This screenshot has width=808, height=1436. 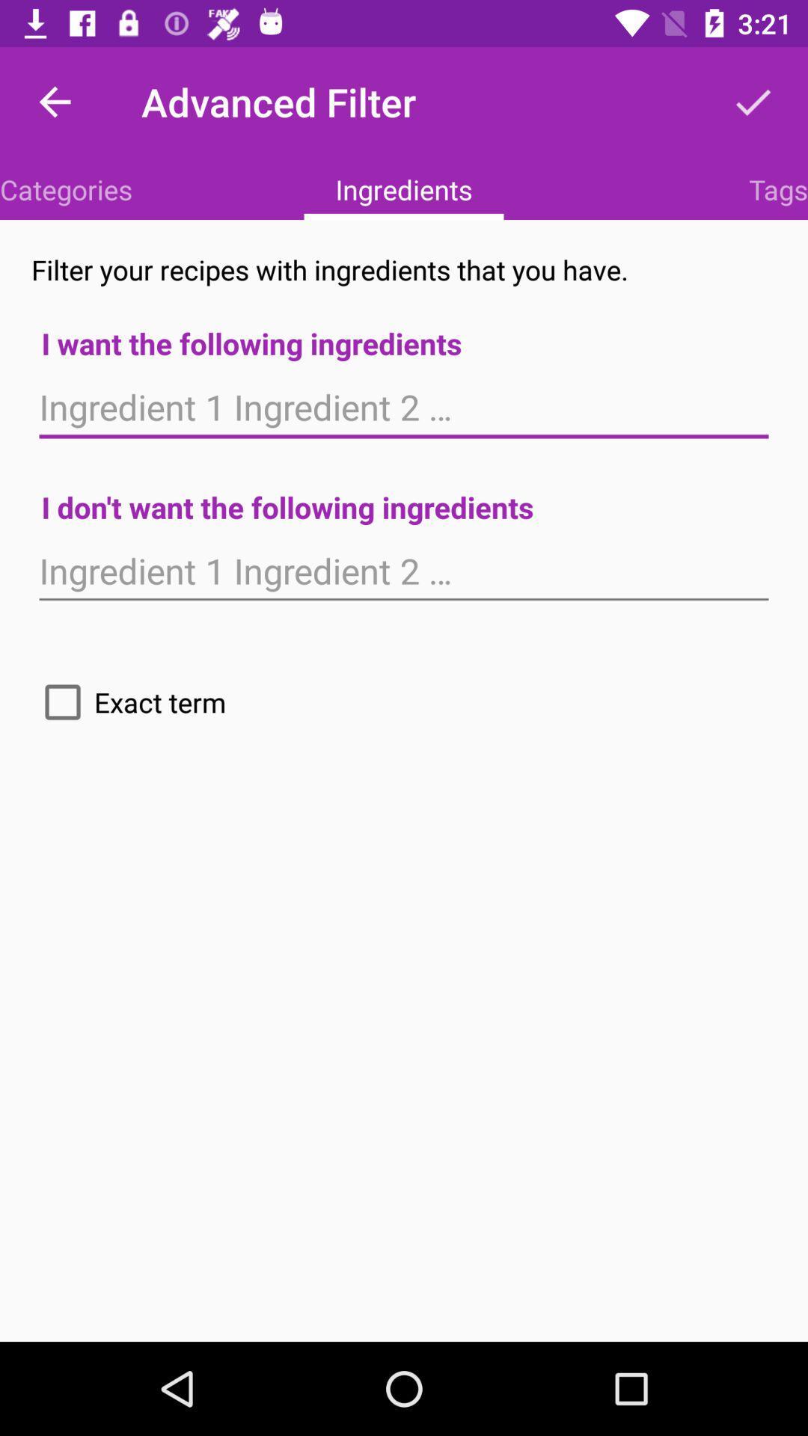 I want to click on the tags icon, so click(x=777, y=188).